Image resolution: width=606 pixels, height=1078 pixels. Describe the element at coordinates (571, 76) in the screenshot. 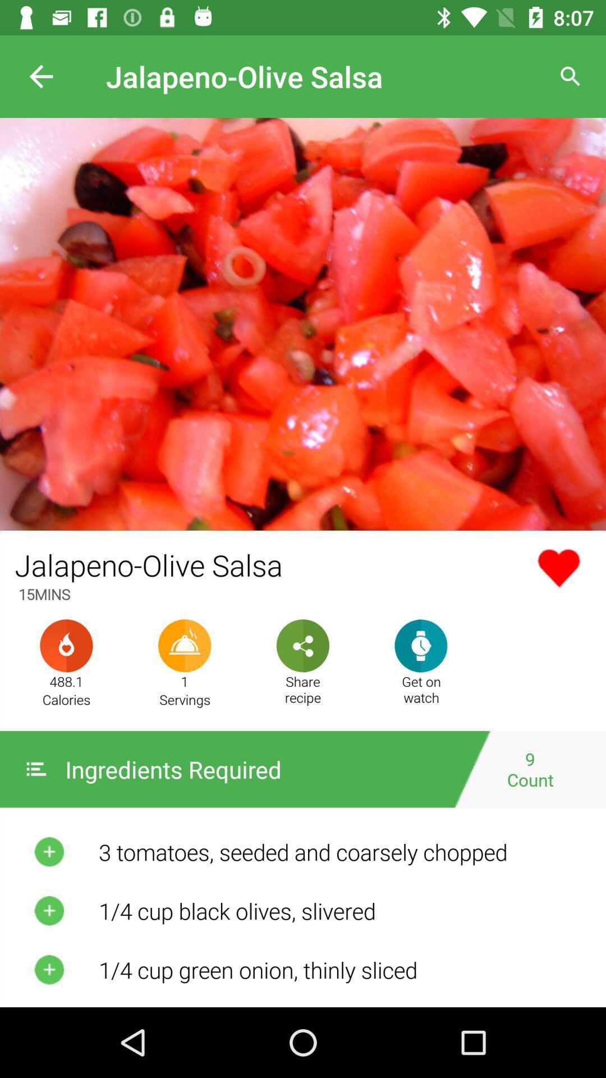

I see `search icon` at that location.